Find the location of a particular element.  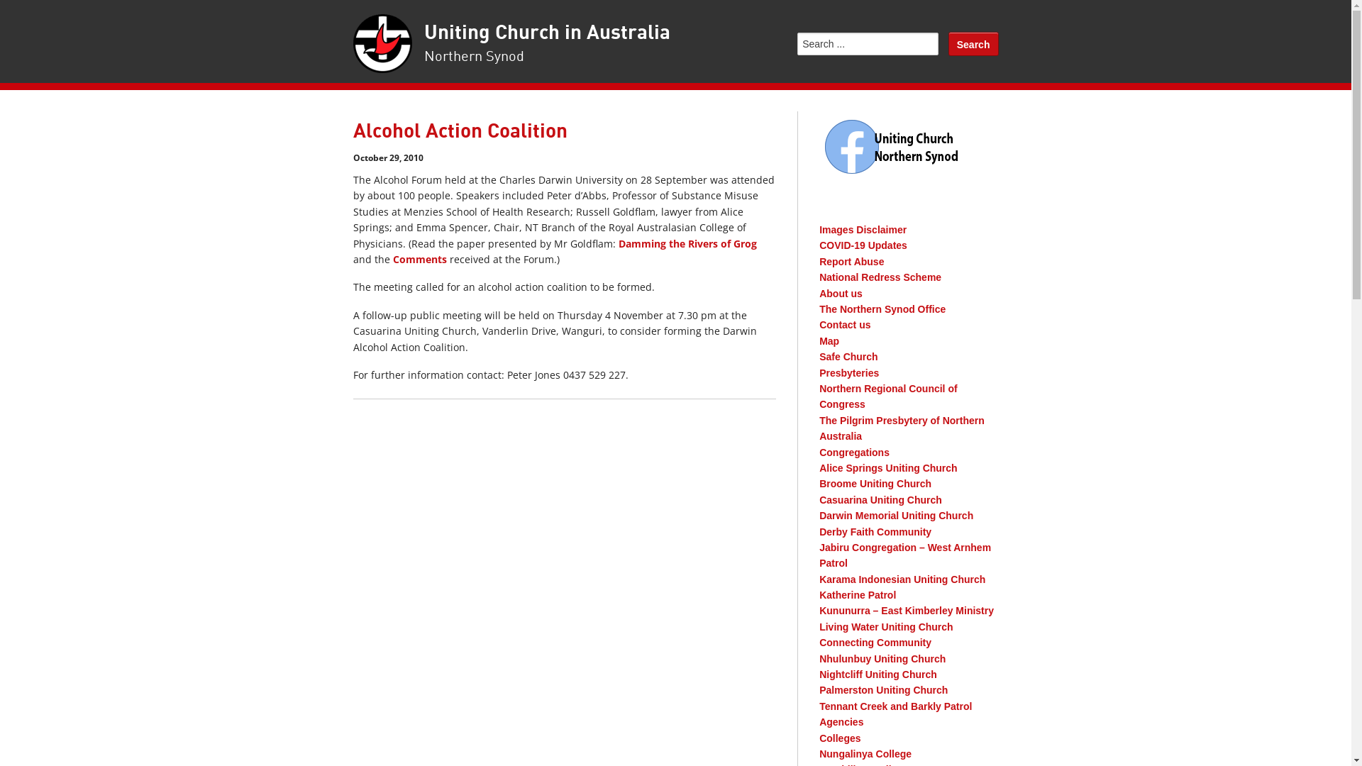

'Agencies' is located at coordinates (841, 722).